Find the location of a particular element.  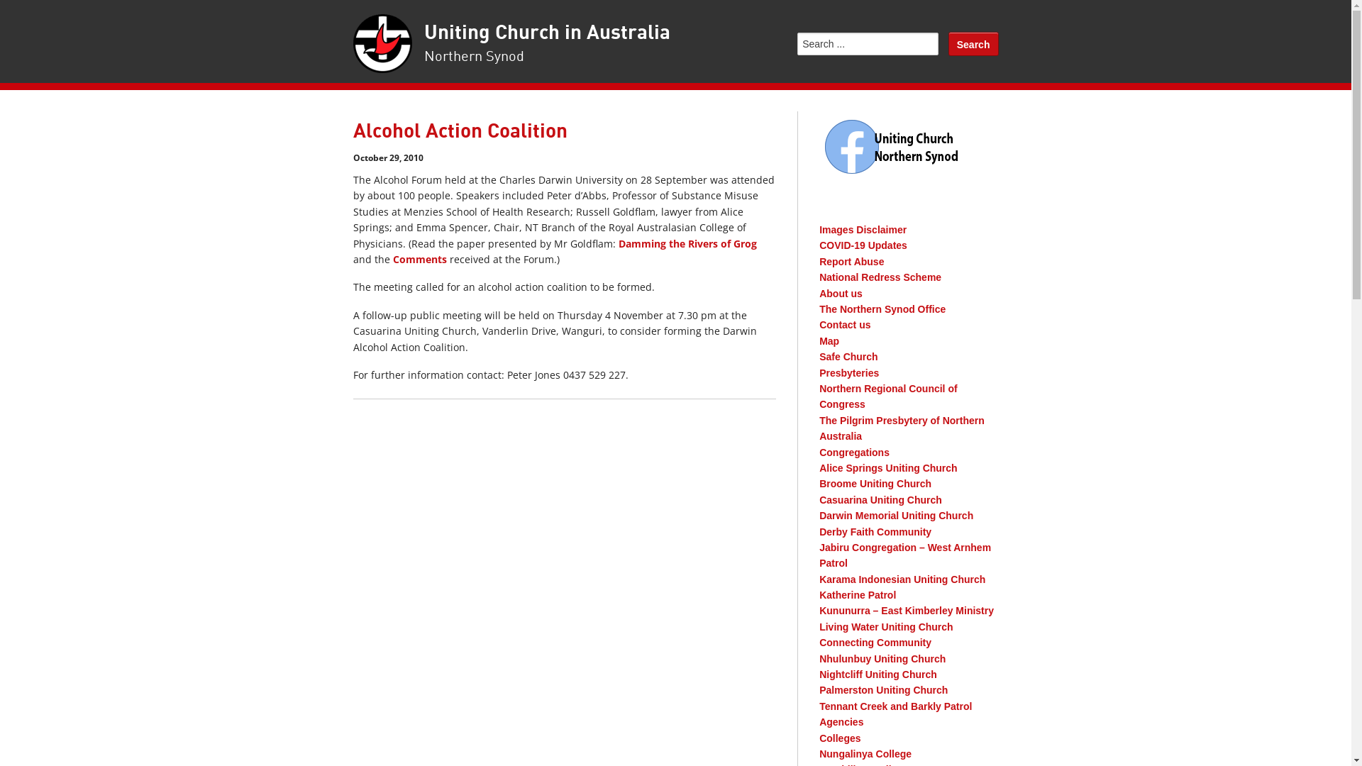

'Agencies' is located at coordinates (841, 722).